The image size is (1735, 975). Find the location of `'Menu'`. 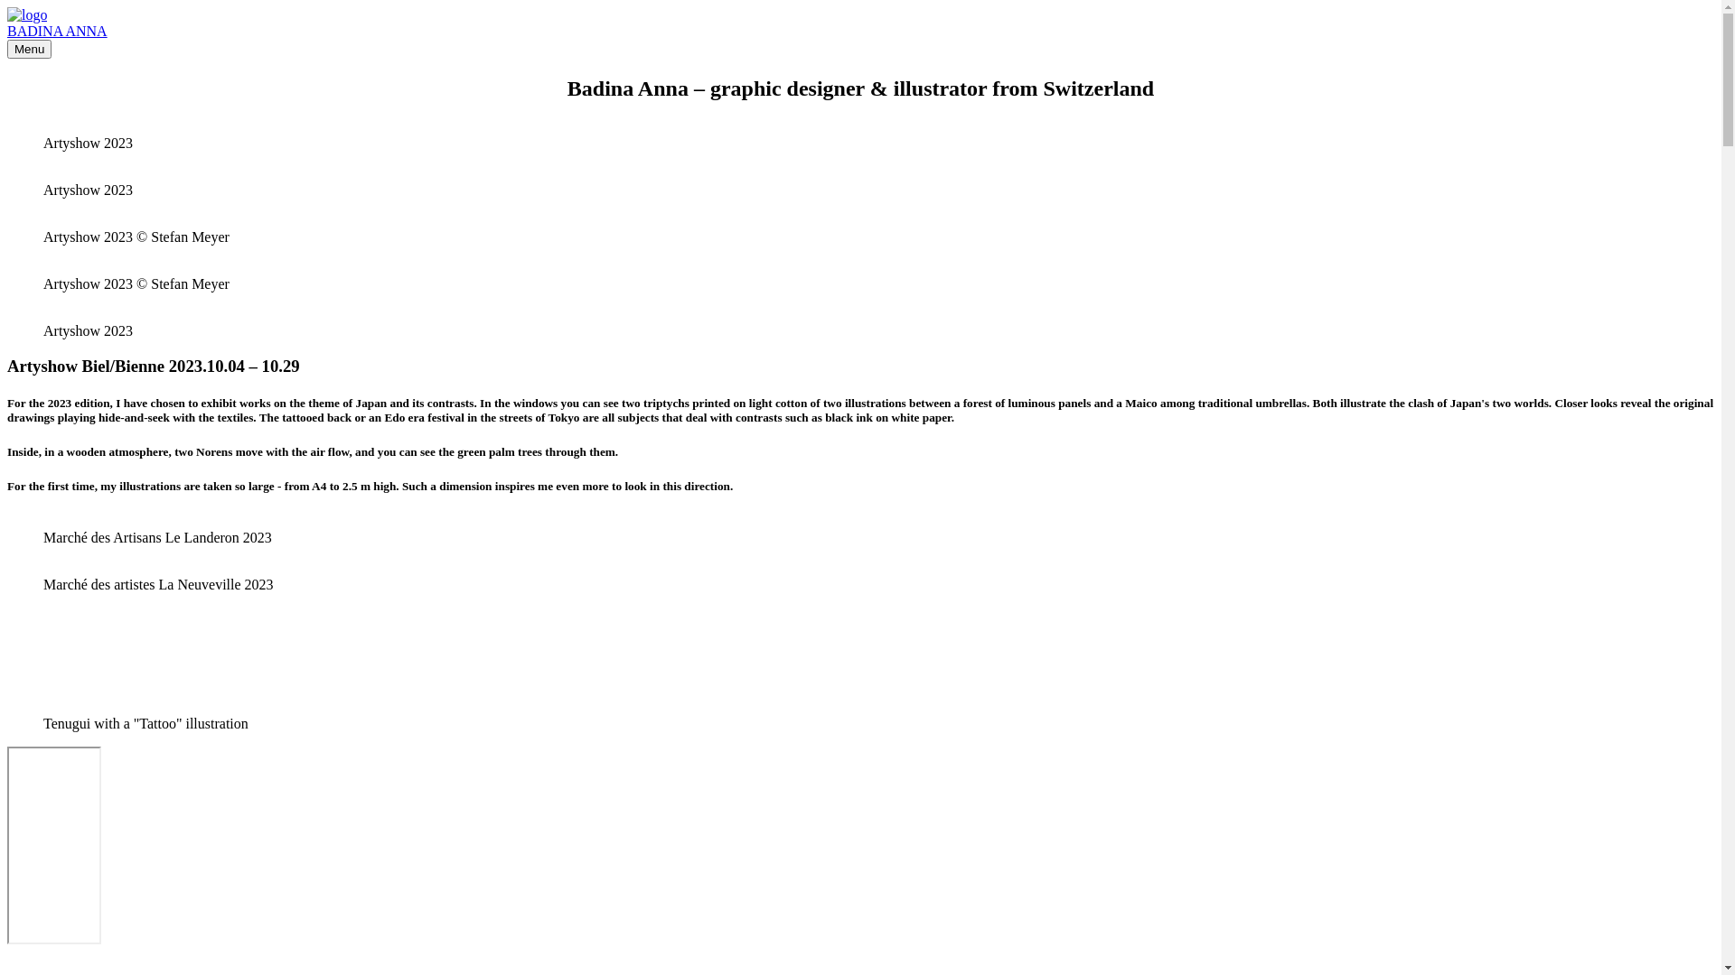

'Menu' is located at coordinates (29, 48).